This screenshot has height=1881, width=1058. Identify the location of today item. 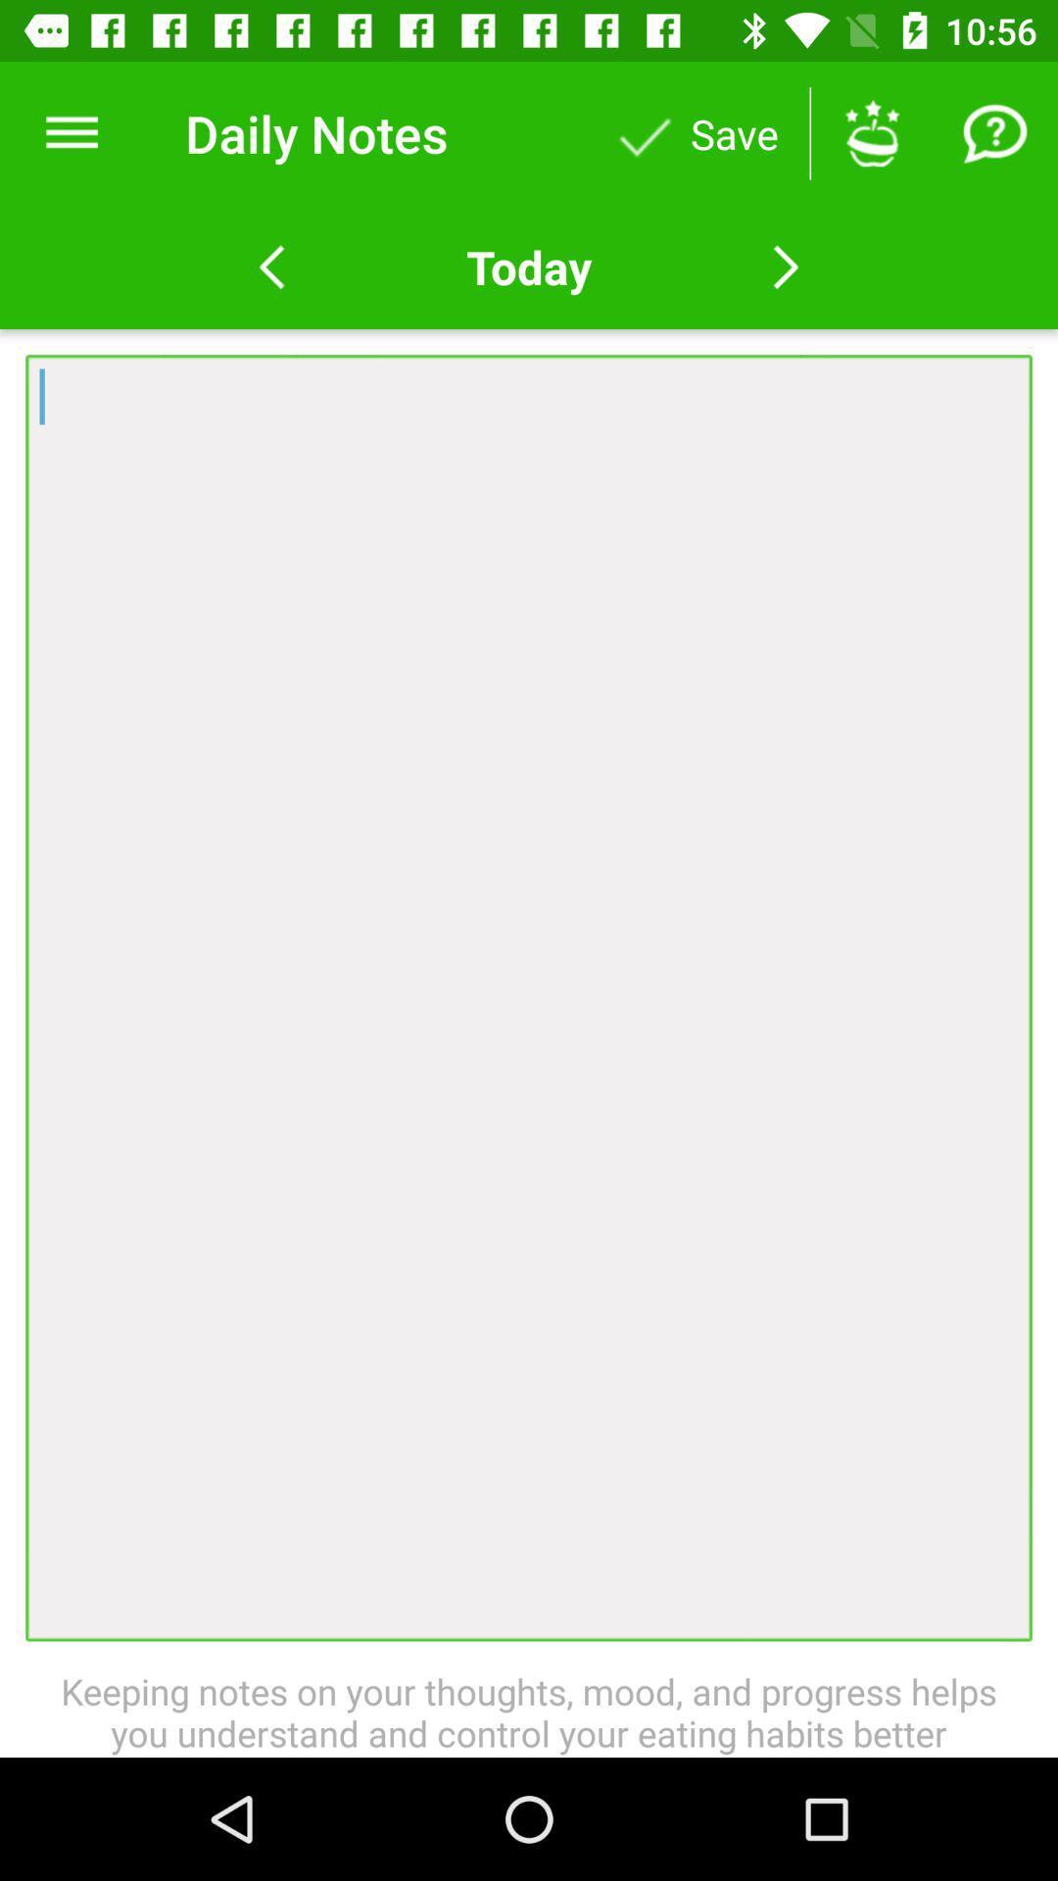
(529, 266).